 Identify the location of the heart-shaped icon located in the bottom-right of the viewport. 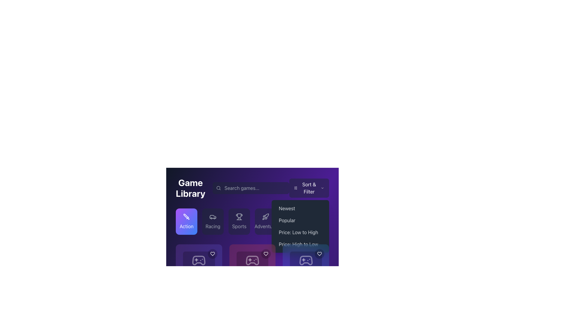
(319, 254).